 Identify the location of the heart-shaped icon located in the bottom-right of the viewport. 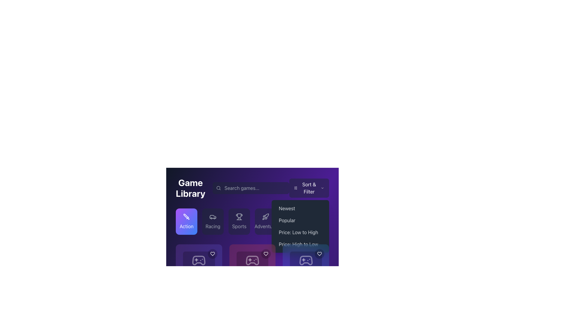
(319, 254).